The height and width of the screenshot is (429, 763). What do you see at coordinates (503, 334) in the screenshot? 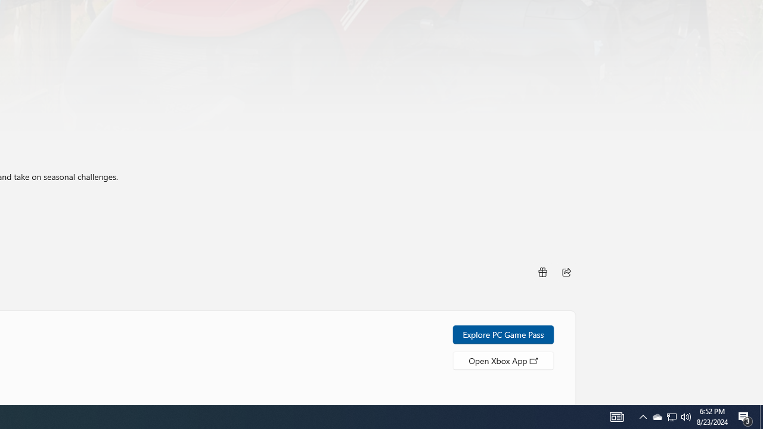
I see `'Explore PC Game Pass'` at bounding box center [503, 334].